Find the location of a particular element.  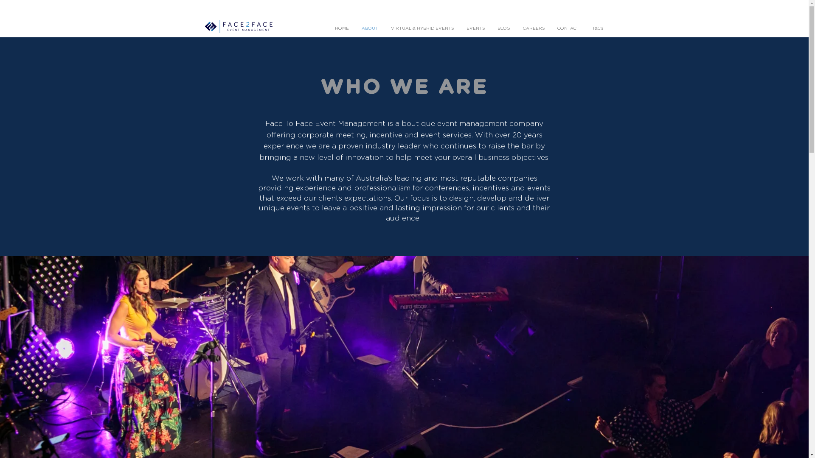

'VIRTUAL & HYBRID EVENTS' is located at coordinates (422, 28).